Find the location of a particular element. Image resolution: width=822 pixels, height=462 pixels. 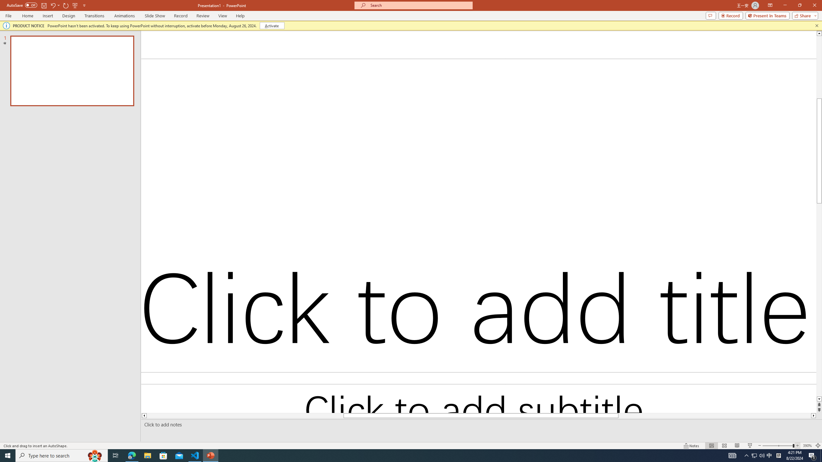

'Transitions' is located at coordinates (94, 16).